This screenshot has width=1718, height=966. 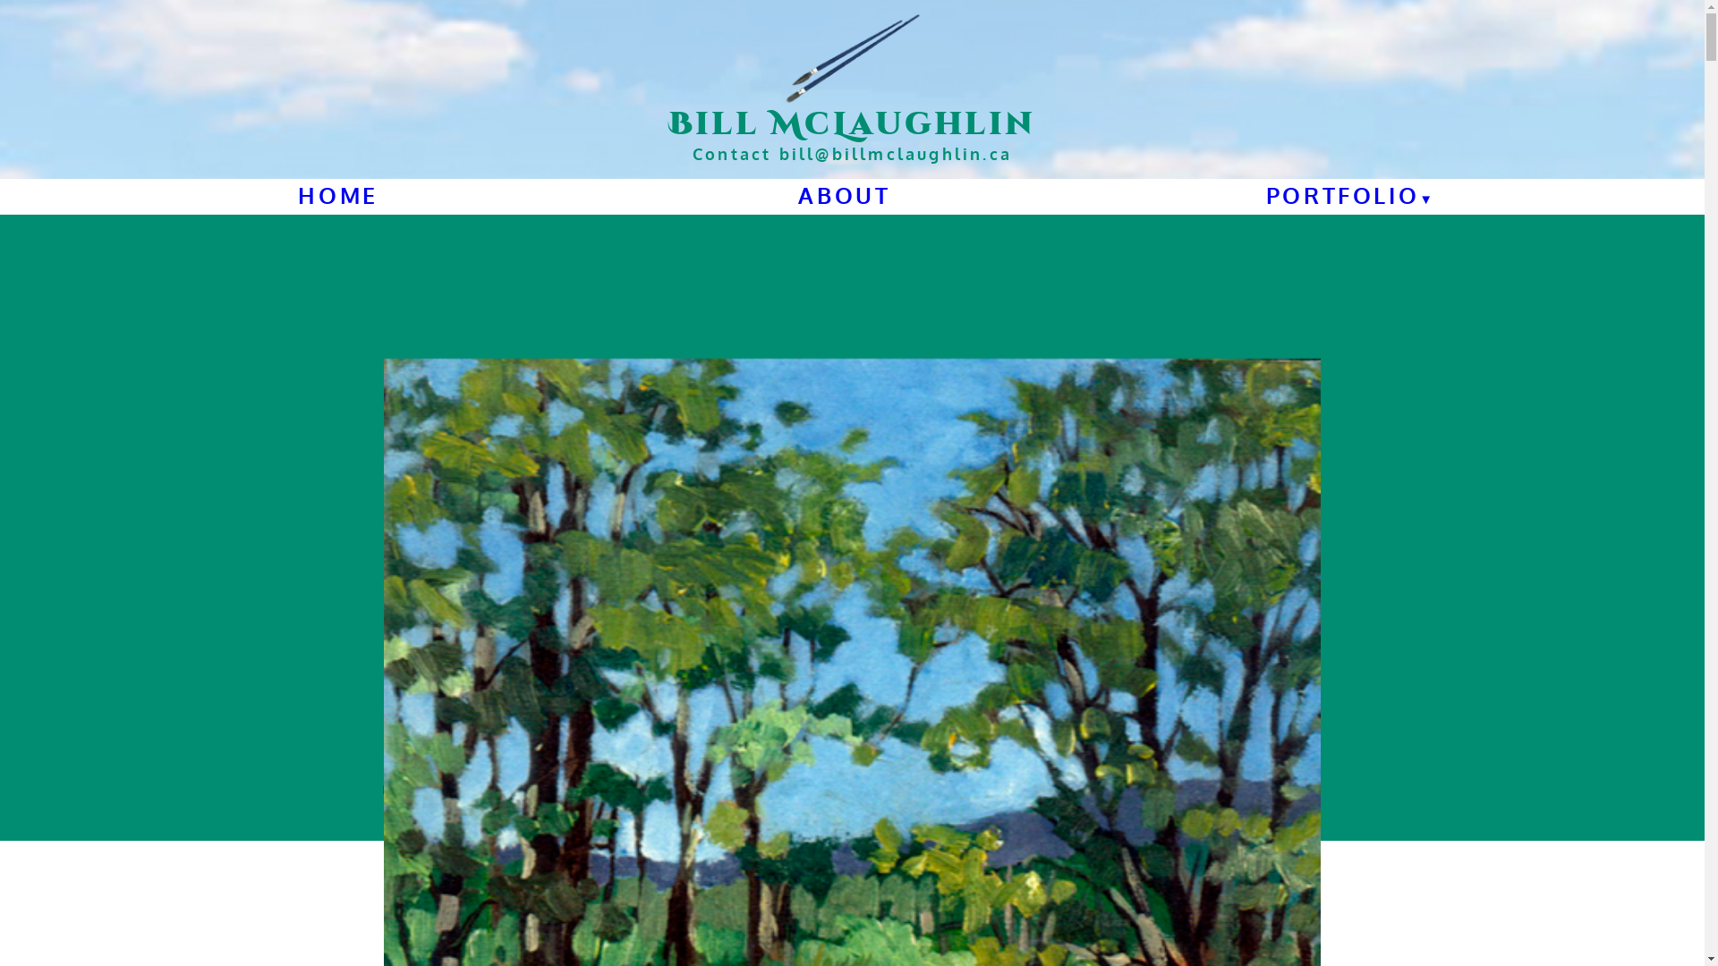 I want to click on 'bill@billmclaughlin.ca', so click(x=896, y=153).